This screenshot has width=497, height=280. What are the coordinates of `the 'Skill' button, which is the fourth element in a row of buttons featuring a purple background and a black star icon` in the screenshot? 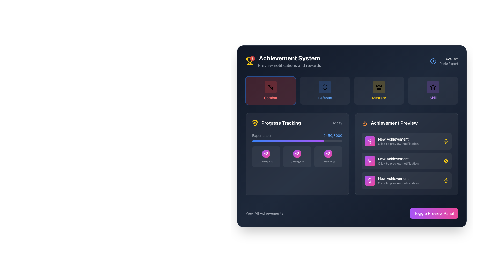 It's located at (433, 90).